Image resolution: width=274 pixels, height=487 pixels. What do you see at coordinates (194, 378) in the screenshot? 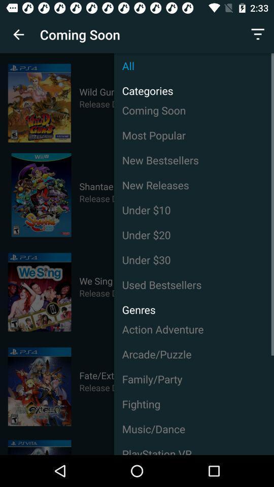
I see `the icon above fighting icon` at bounding box center [194, 378].